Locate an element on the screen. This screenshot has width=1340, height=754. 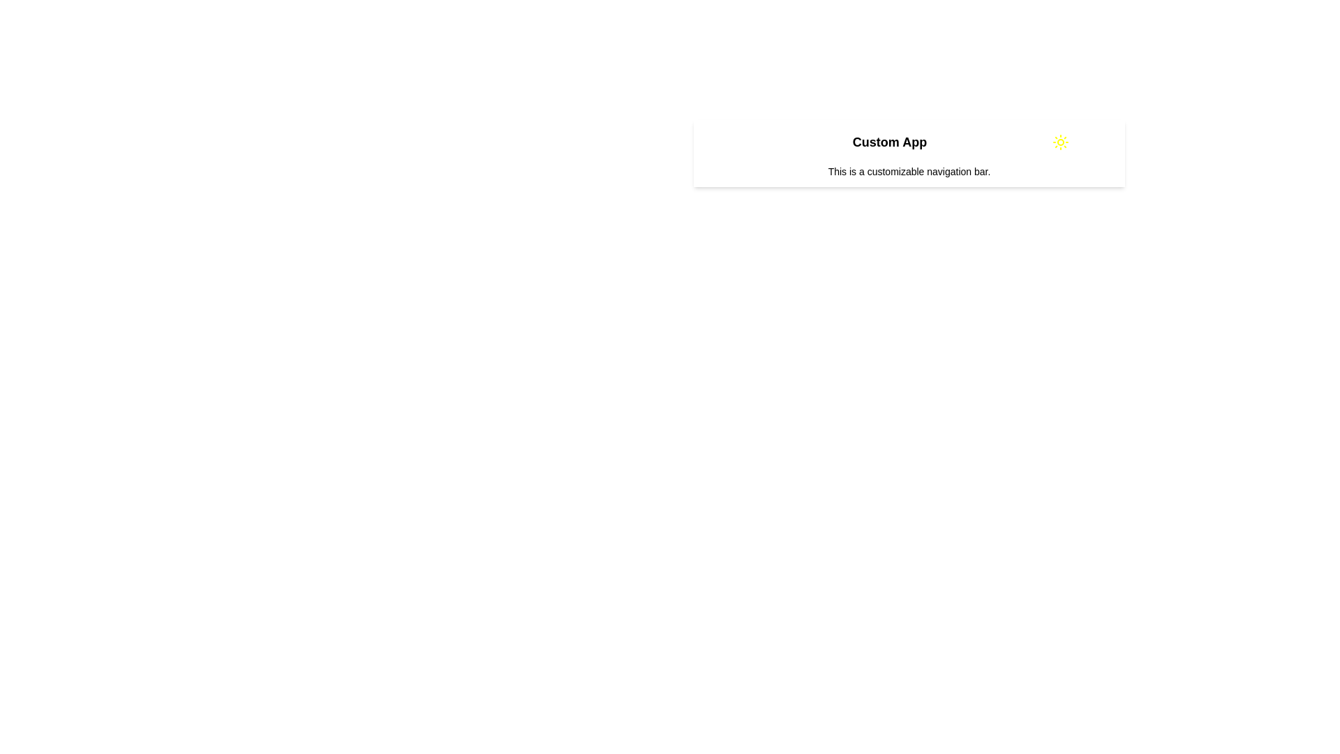
the app title to focus on it is located at coordinates (889, 142).